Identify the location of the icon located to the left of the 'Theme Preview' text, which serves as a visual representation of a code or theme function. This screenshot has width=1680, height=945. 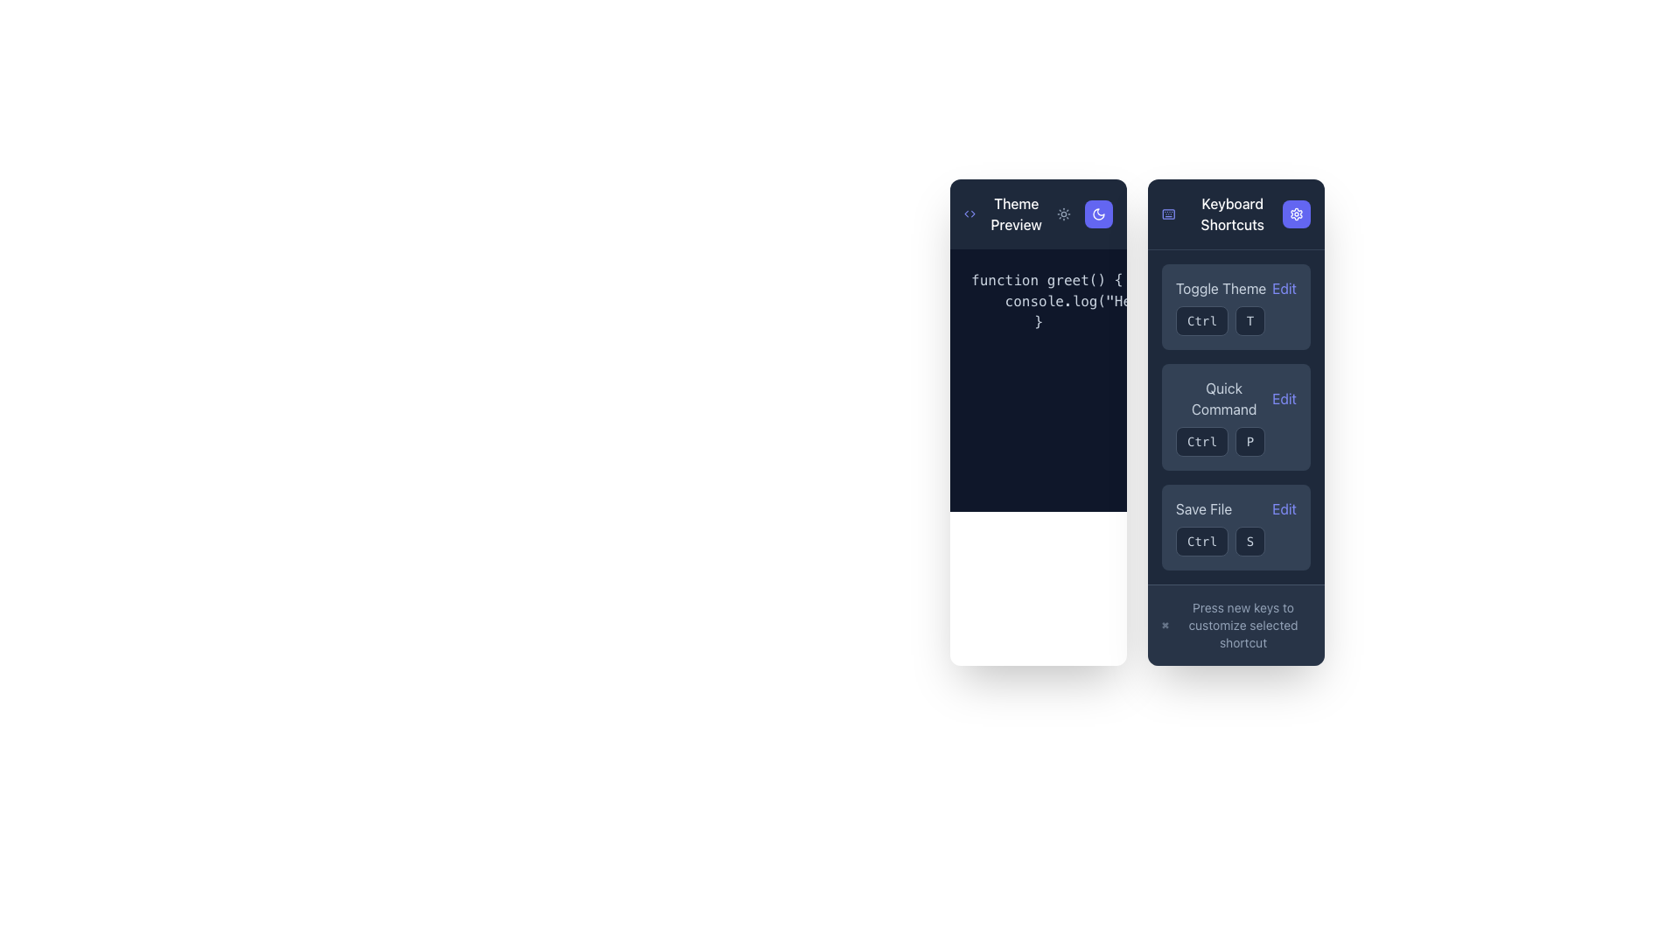
(969, 213).